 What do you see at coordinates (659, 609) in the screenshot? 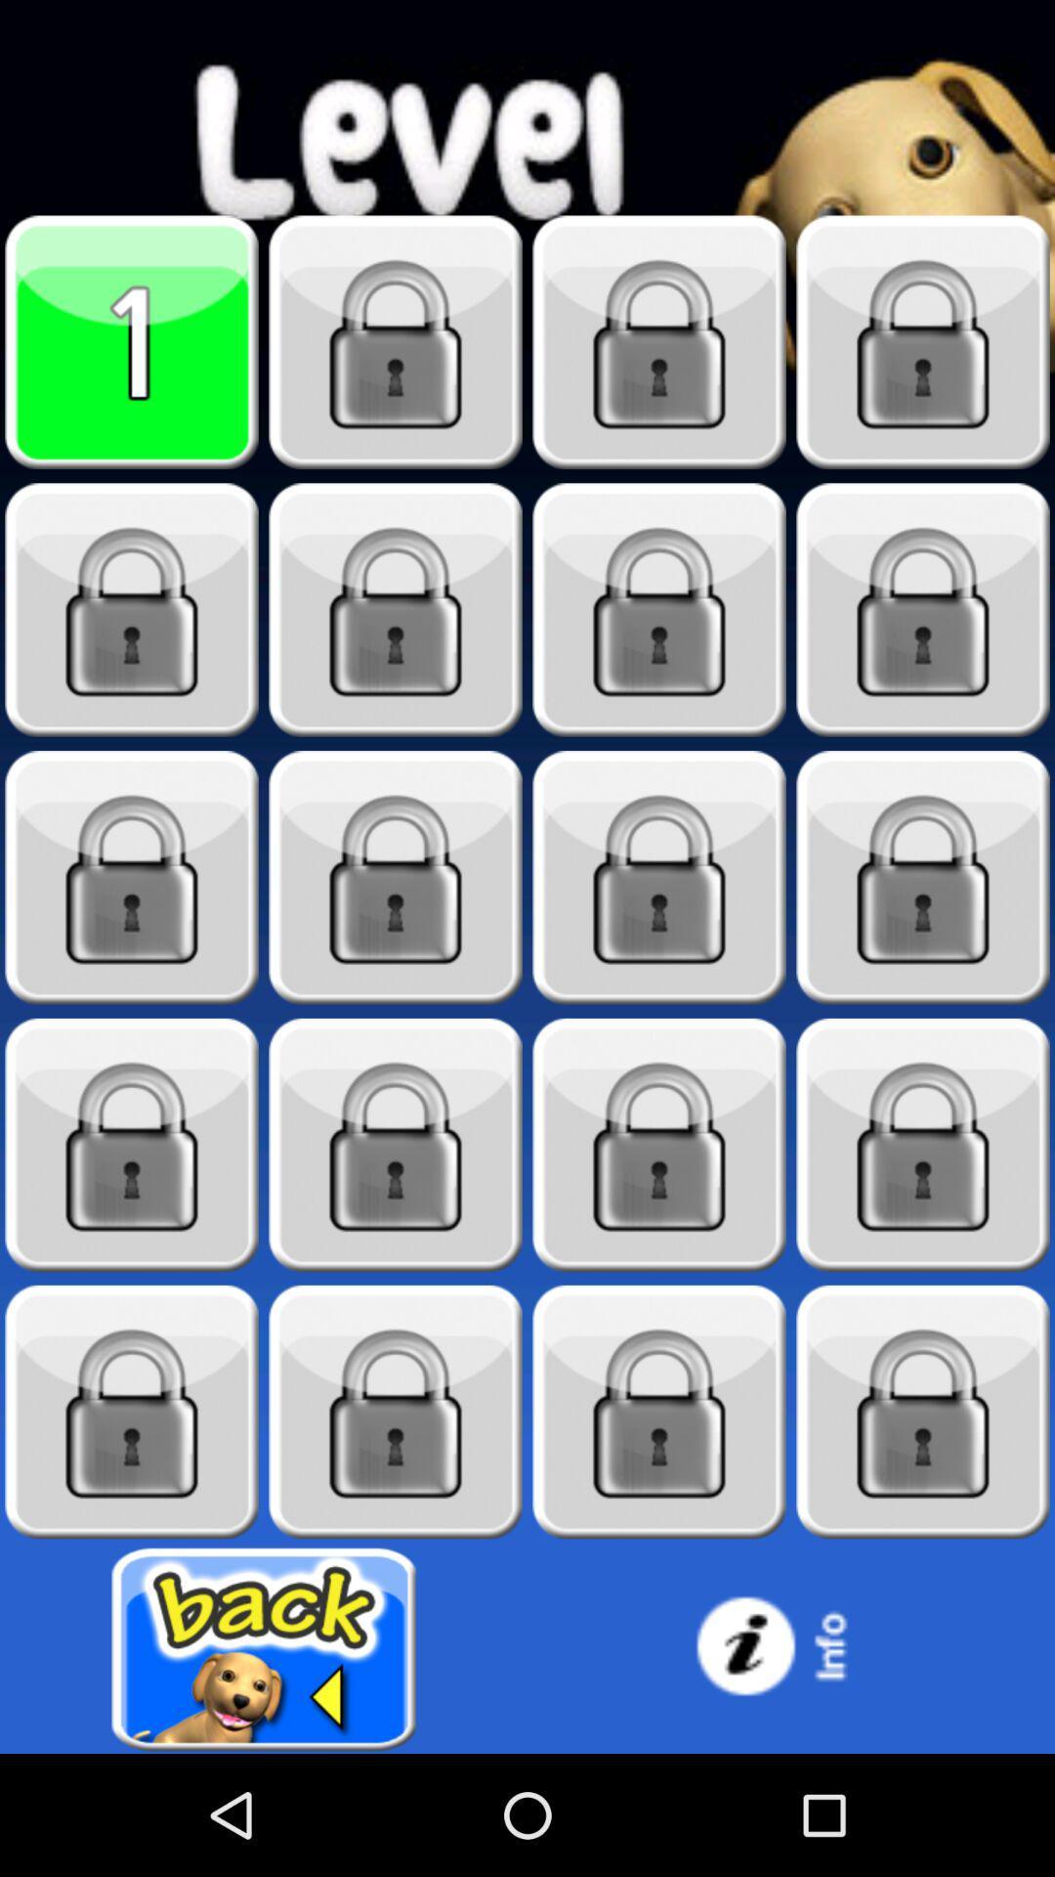
I see `random padlock option` at bounding box center [659, 609].